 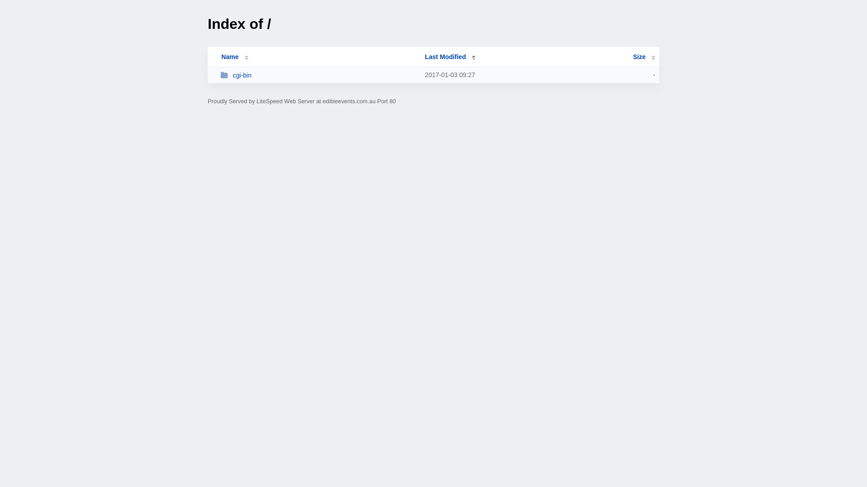 What do you see at coordinates (643, 57) in the screenshot?
I see `'Size'` at bounding box center [643, 57].